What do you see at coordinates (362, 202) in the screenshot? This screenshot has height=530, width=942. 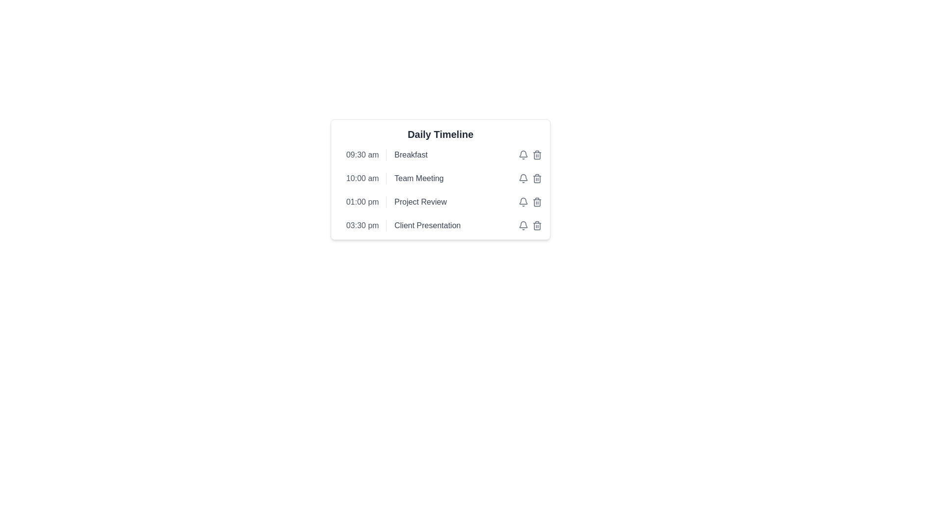 I see `the text element that indicates the start time of the adjacent event in the schedule list, located in the third row and aligned with other time entries` at bounding box center [362, 202].